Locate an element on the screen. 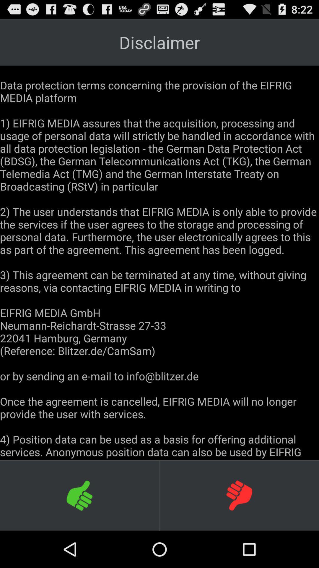 Image resolution: width=319 pixels, height=568 pixels. thumbs up is located at coordinates (80, 495).